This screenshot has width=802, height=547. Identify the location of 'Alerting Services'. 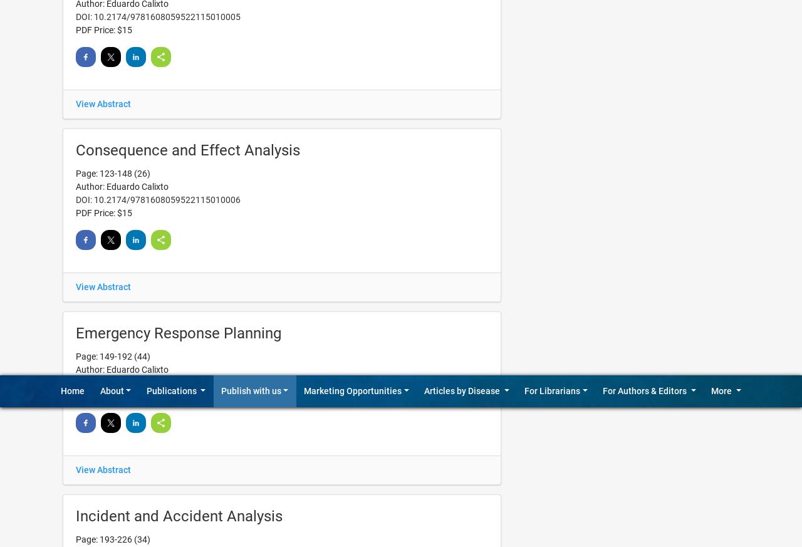
(604, 7).